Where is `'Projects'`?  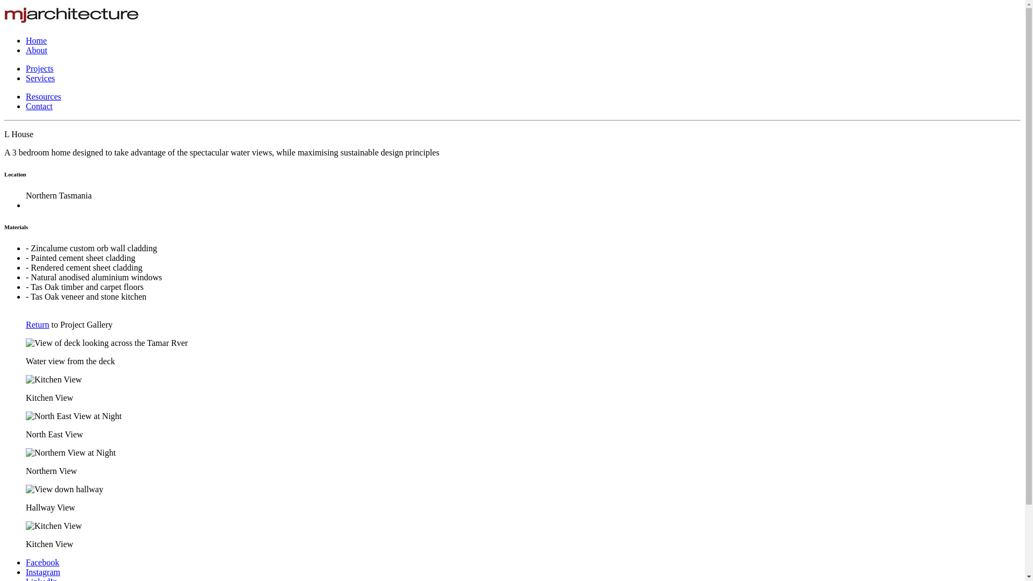 'Projects' is located at coordinates (39, 68).